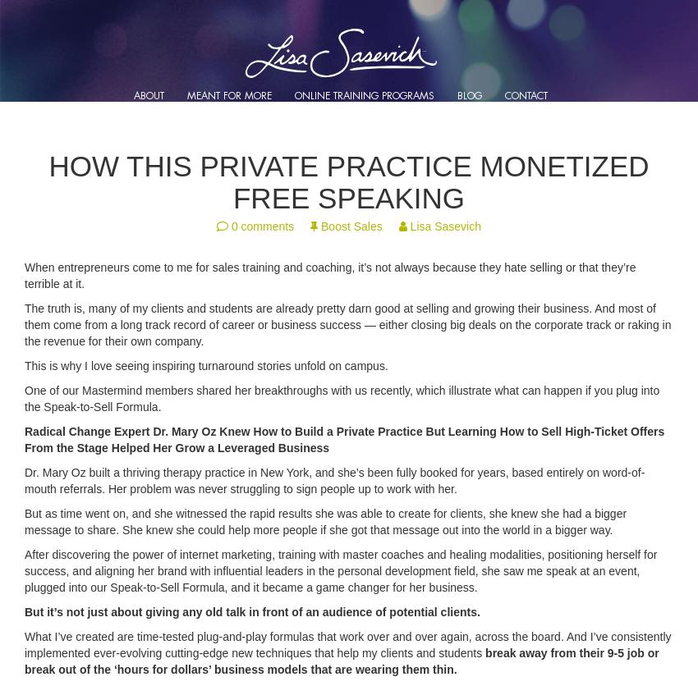 This screenshot has height=686, width=698. What do you see at coordinates (334, 480) in the screenshot?
I see `'Dr. Mary Oz built a thriving therapy practice in New York, and she’s been fully booked for years, based entirely on word-of-mouth referrals. Her problem was never struggling to sign people up to work with her.'` at bounding box center [334, 480].